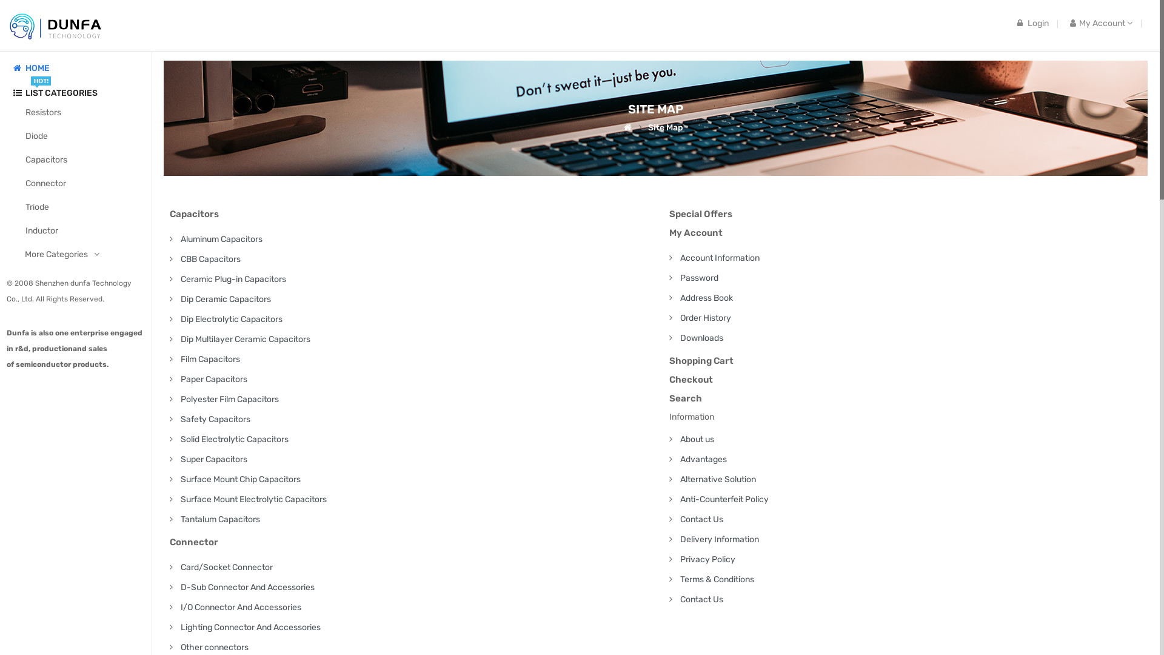 Image resolution: width=1164 pixels, height=655 pixels. Describe the element at coordinates (719, 539) in the screenshot. I see `'Delivery Information'` at that location.